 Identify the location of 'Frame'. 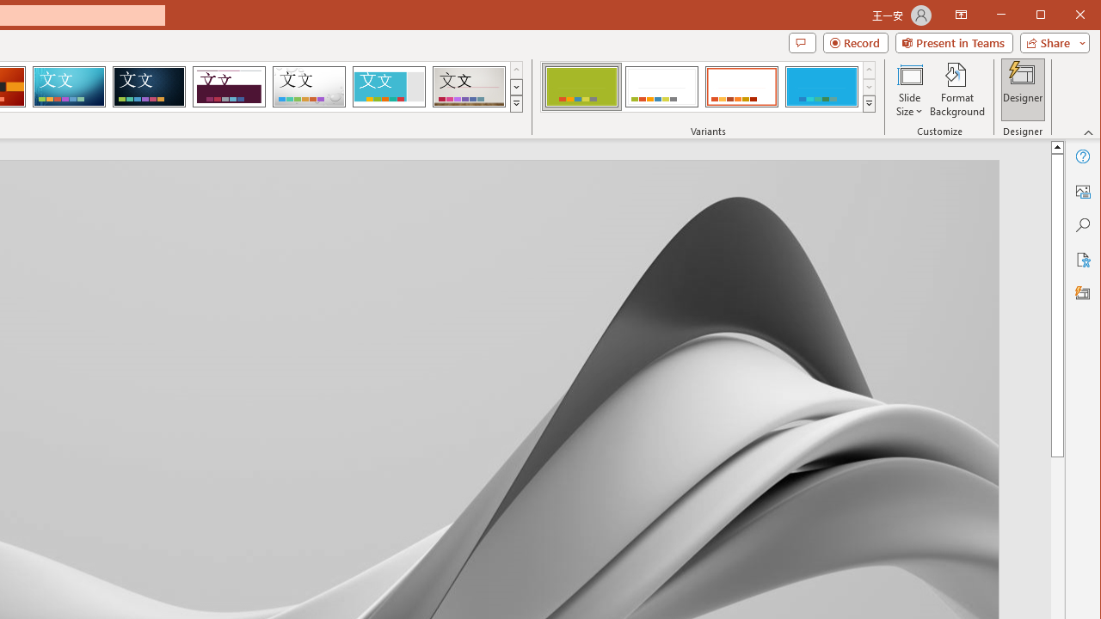
(388, 86).